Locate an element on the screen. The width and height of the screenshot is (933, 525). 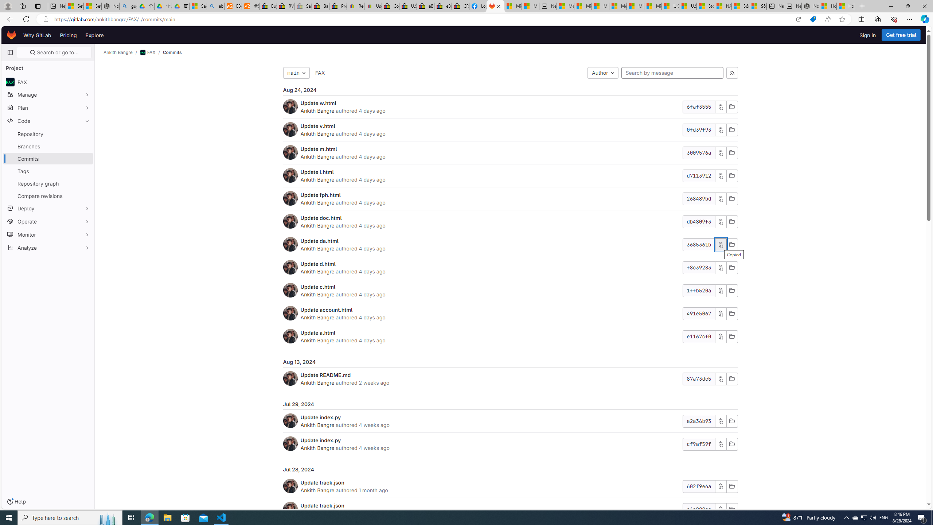
'Update track.jsonAnkith Bangre authored 1 month ago602f9e6a' is located at coordinates (510, 486).